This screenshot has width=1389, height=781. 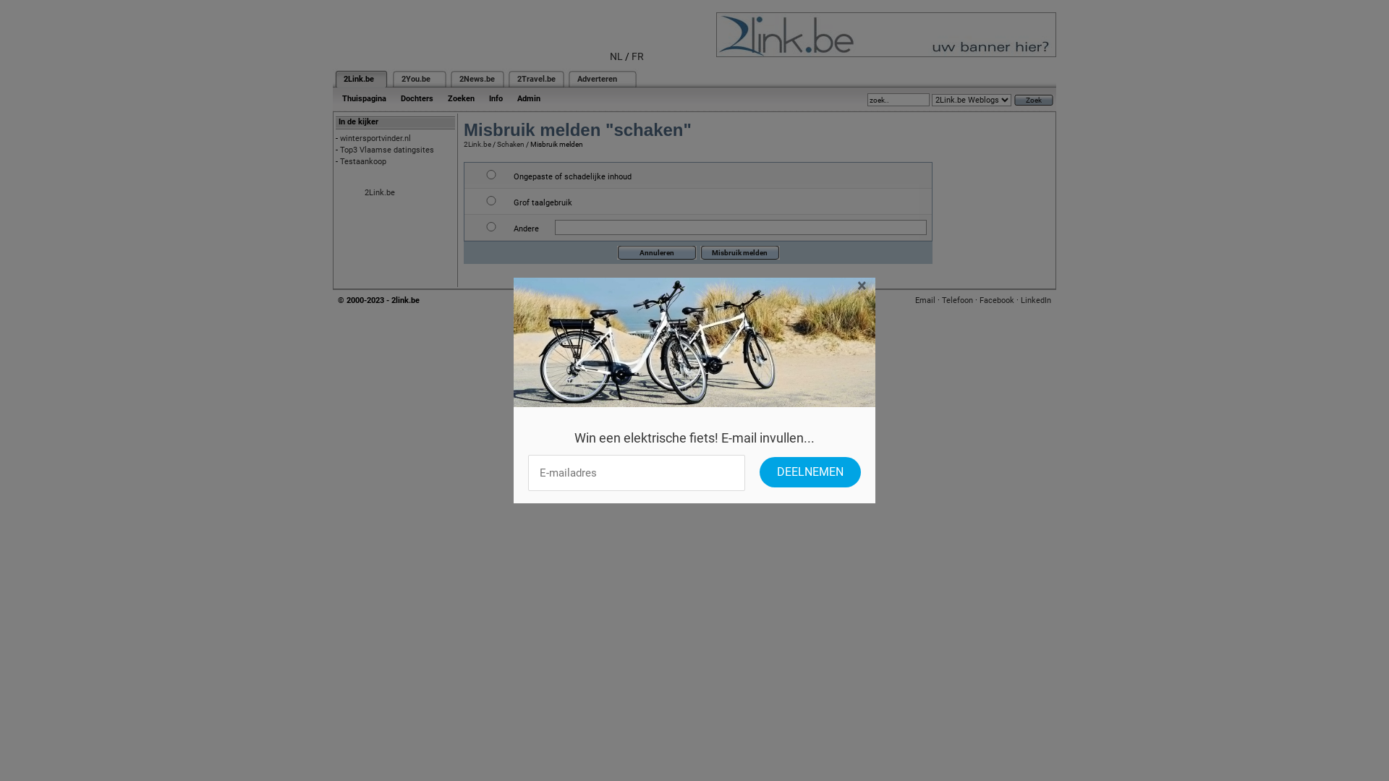 I want to click on 'Facebook', so click(x=995, y=299).